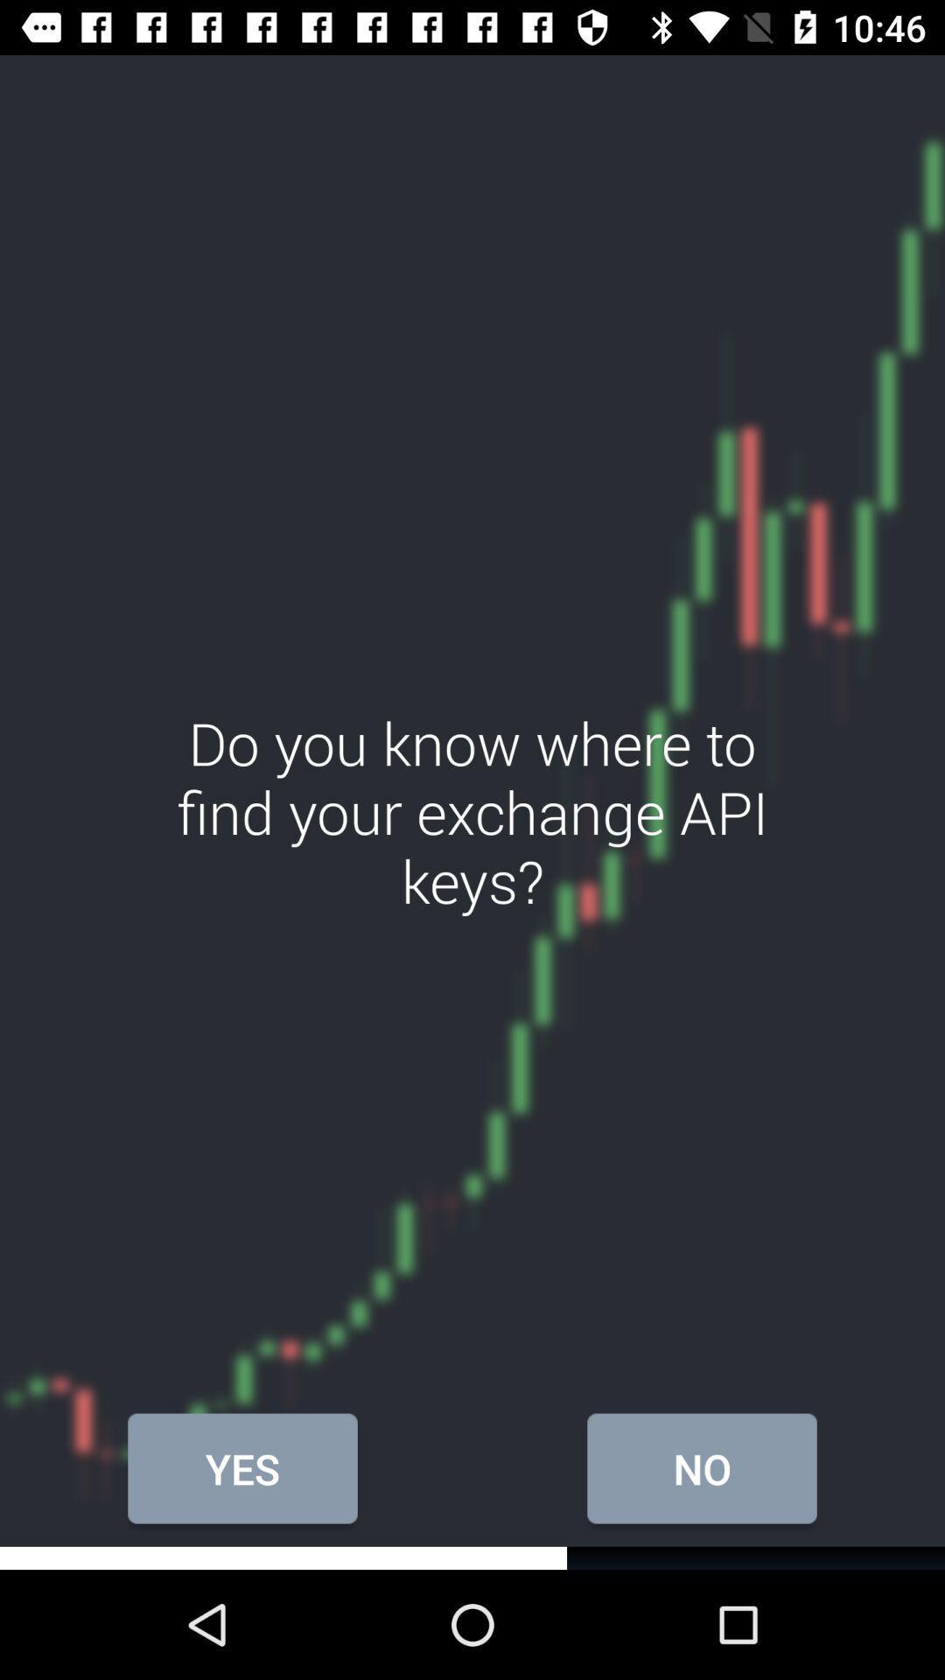 Image resolution: width=945 pixels, height=1680 pixels. Describe the element at coordinates (701, 1468) in the screenshot. I see `item next to the yes item` at that location.